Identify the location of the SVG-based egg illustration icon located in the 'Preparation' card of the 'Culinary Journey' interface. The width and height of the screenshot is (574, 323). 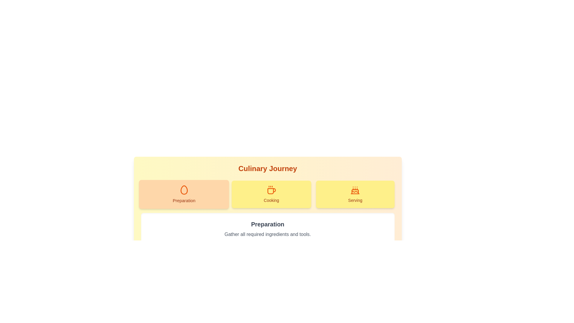
(184, 190).